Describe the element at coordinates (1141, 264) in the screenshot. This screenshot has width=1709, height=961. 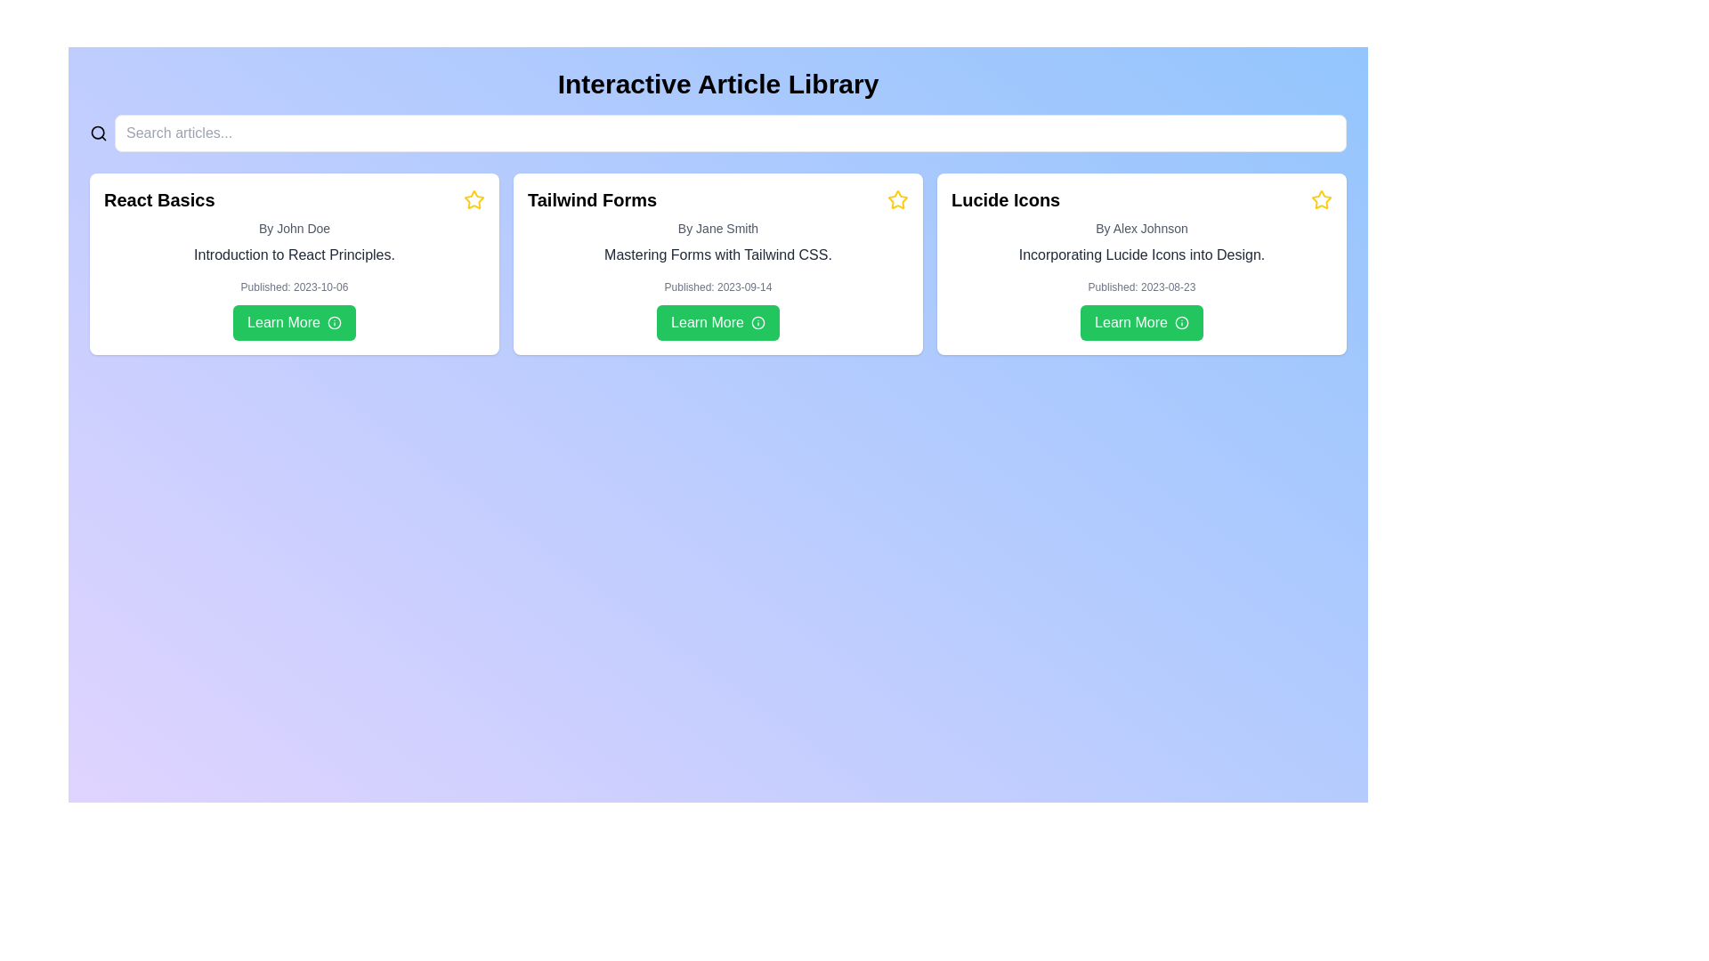
I see `the 'Learn More' button on the third Card component in the article grid layout` at that location.